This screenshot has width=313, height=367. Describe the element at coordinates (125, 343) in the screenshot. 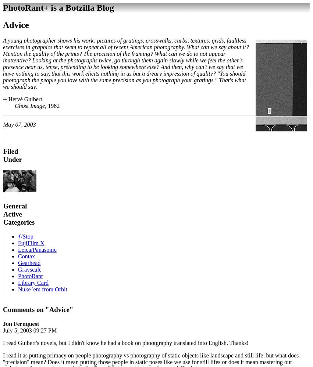

I see `'I read Guibert's novels, but I didn't know he had a book on phootgraphy translated into English. Thanks!'` at that location.